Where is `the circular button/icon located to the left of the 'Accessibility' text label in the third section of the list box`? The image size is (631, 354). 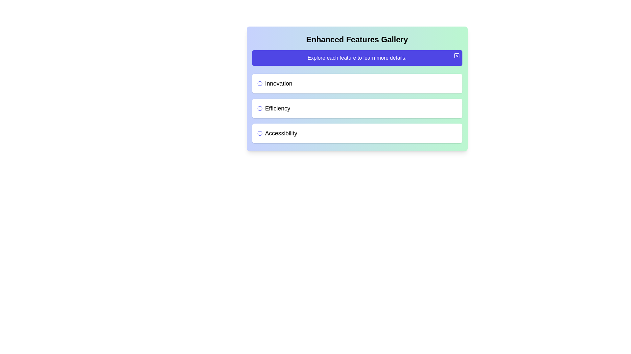
the circular button/icon located to the left of the 'Accessibility' text label in the third section of the list box is located at coordinates (259, 133).